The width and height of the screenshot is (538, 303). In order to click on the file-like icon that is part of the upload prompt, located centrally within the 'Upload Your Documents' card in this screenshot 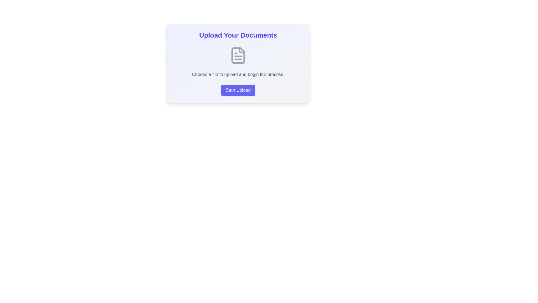, I will do `click(238, 55)`.